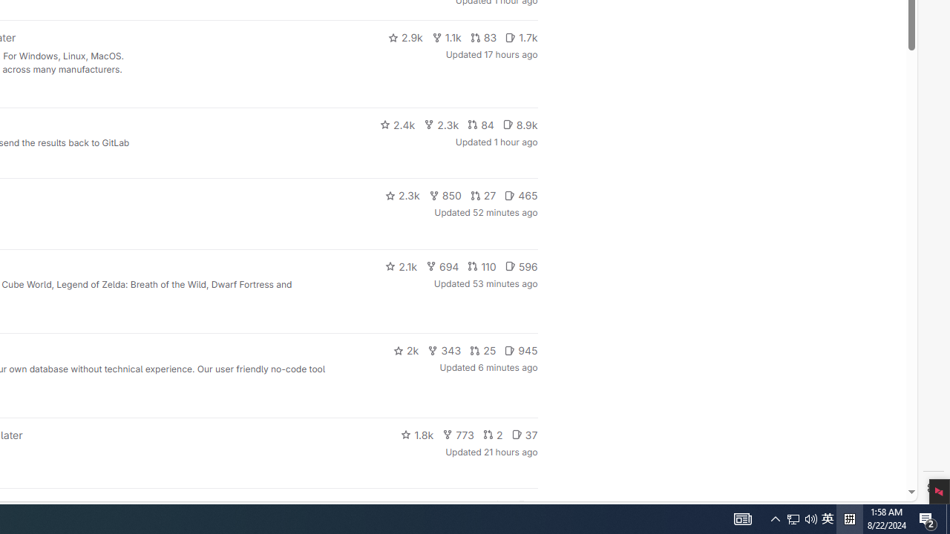 The height and width of the screenshot is (534, 950). Describe the element at coordinates (483, 351) in the screenshot. I see `'25'` at that location.